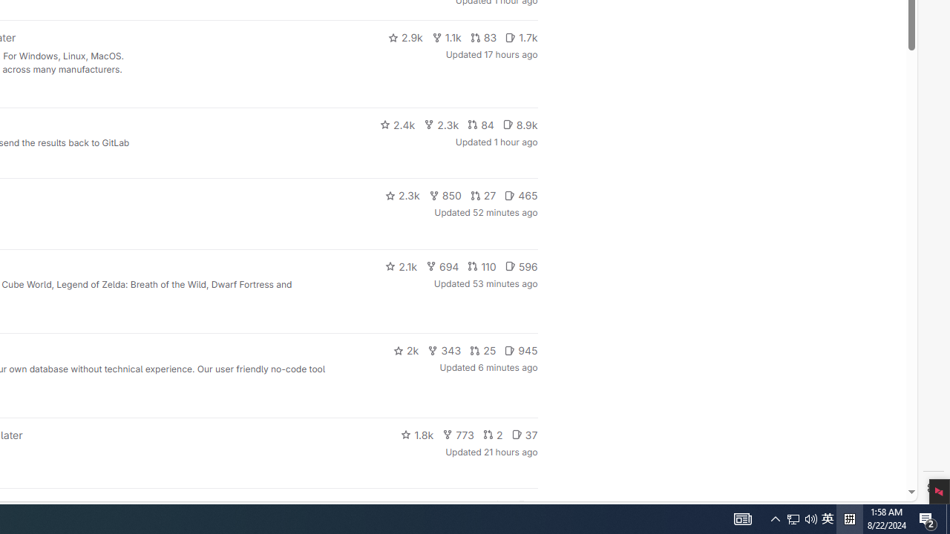 The height and width of the screenshot is (534, 950). Describe the element at coordinates (483, 351) in the screenshot. I see `'25'` at that location.